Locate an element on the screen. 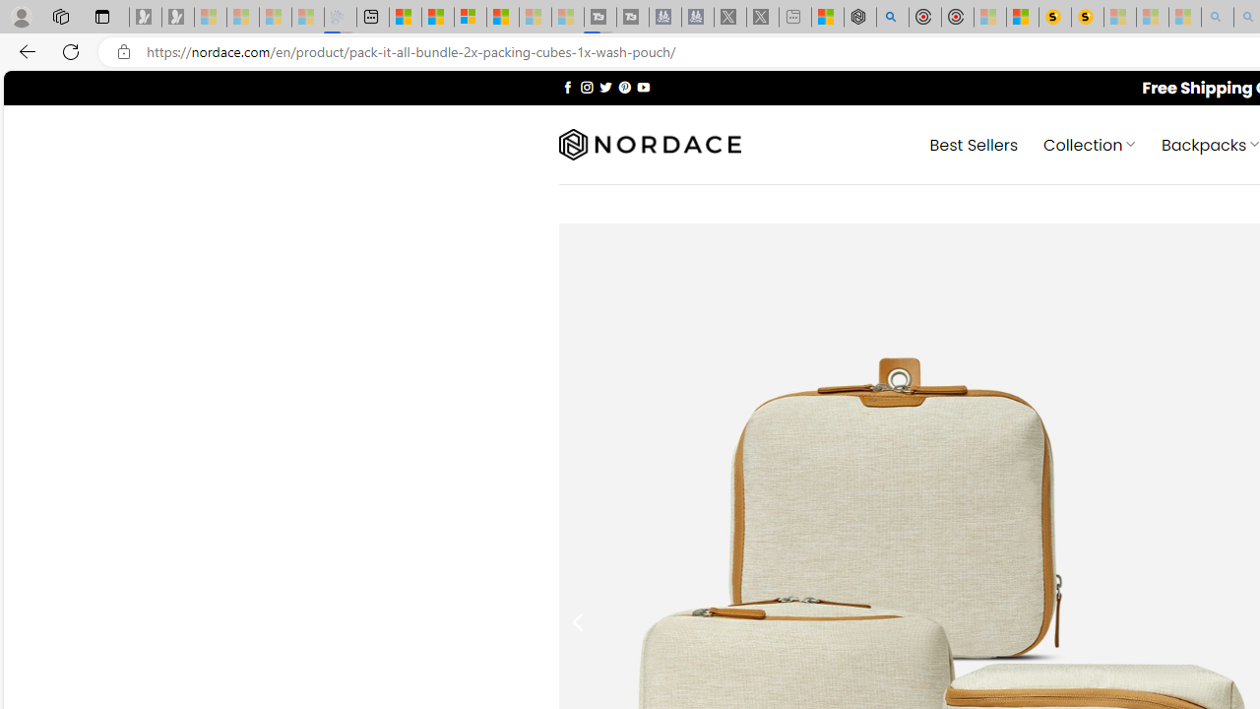 The height and width of the screenshot is (709, 1260). 'Nordace - Summer Adventures 2024' is located at coordinates (859, 17).